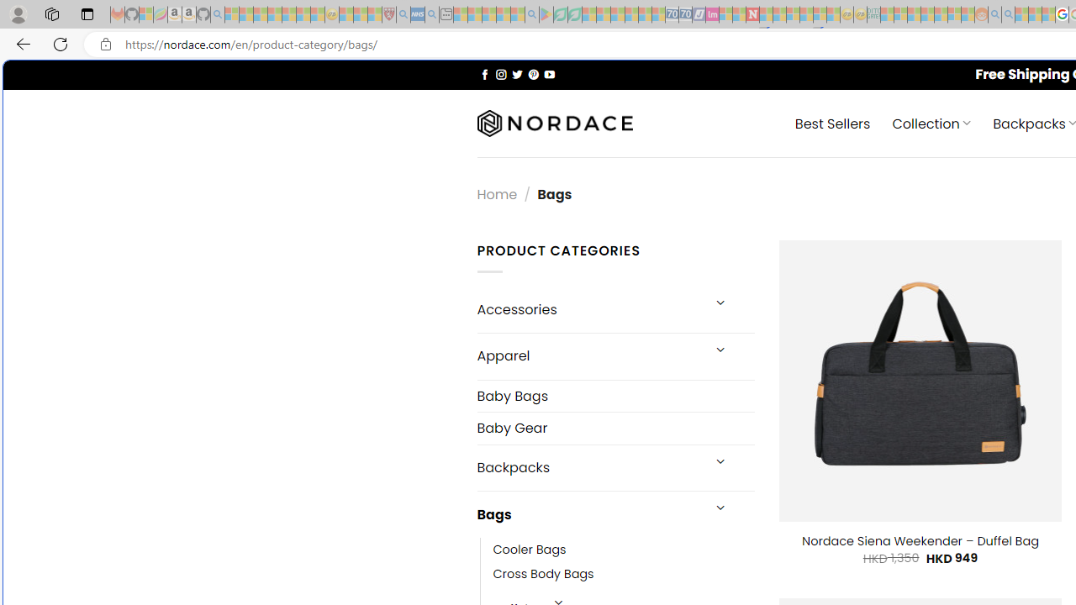 This screenshot has height=605, width=1076. What do you see at coordinates (588, 514) in the screenshot?
I see `'Bags'` at bounding box center [588, 514].